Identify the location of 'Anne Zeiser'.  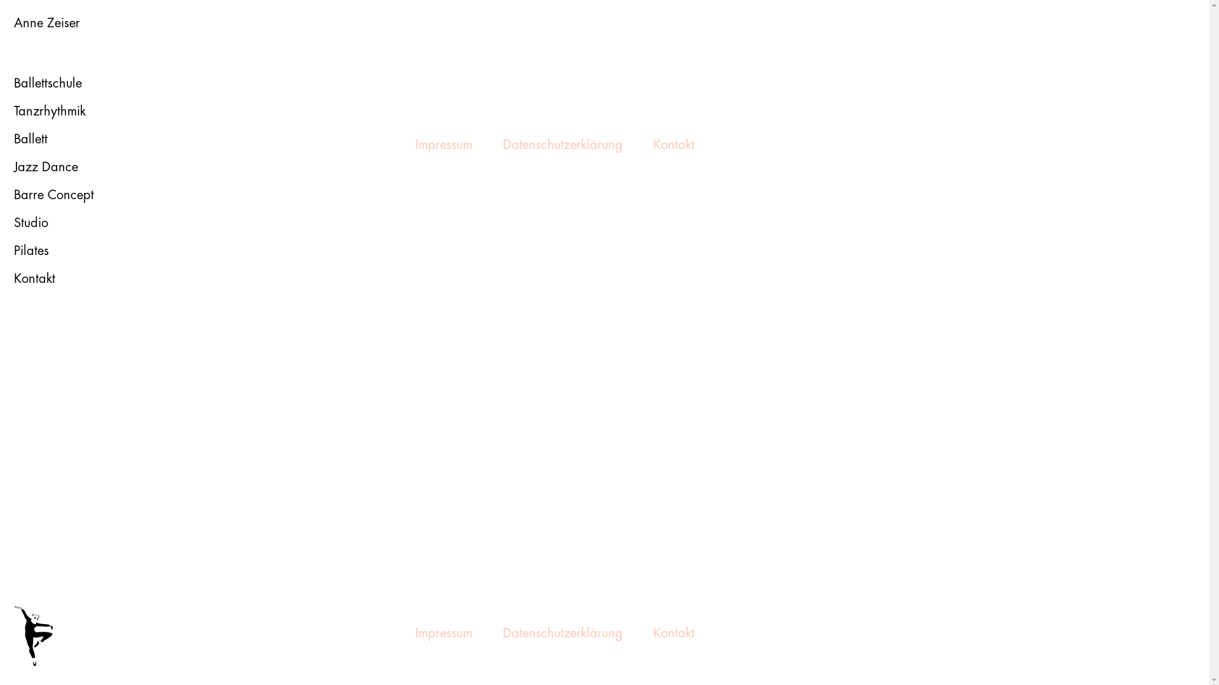
(46, 23).